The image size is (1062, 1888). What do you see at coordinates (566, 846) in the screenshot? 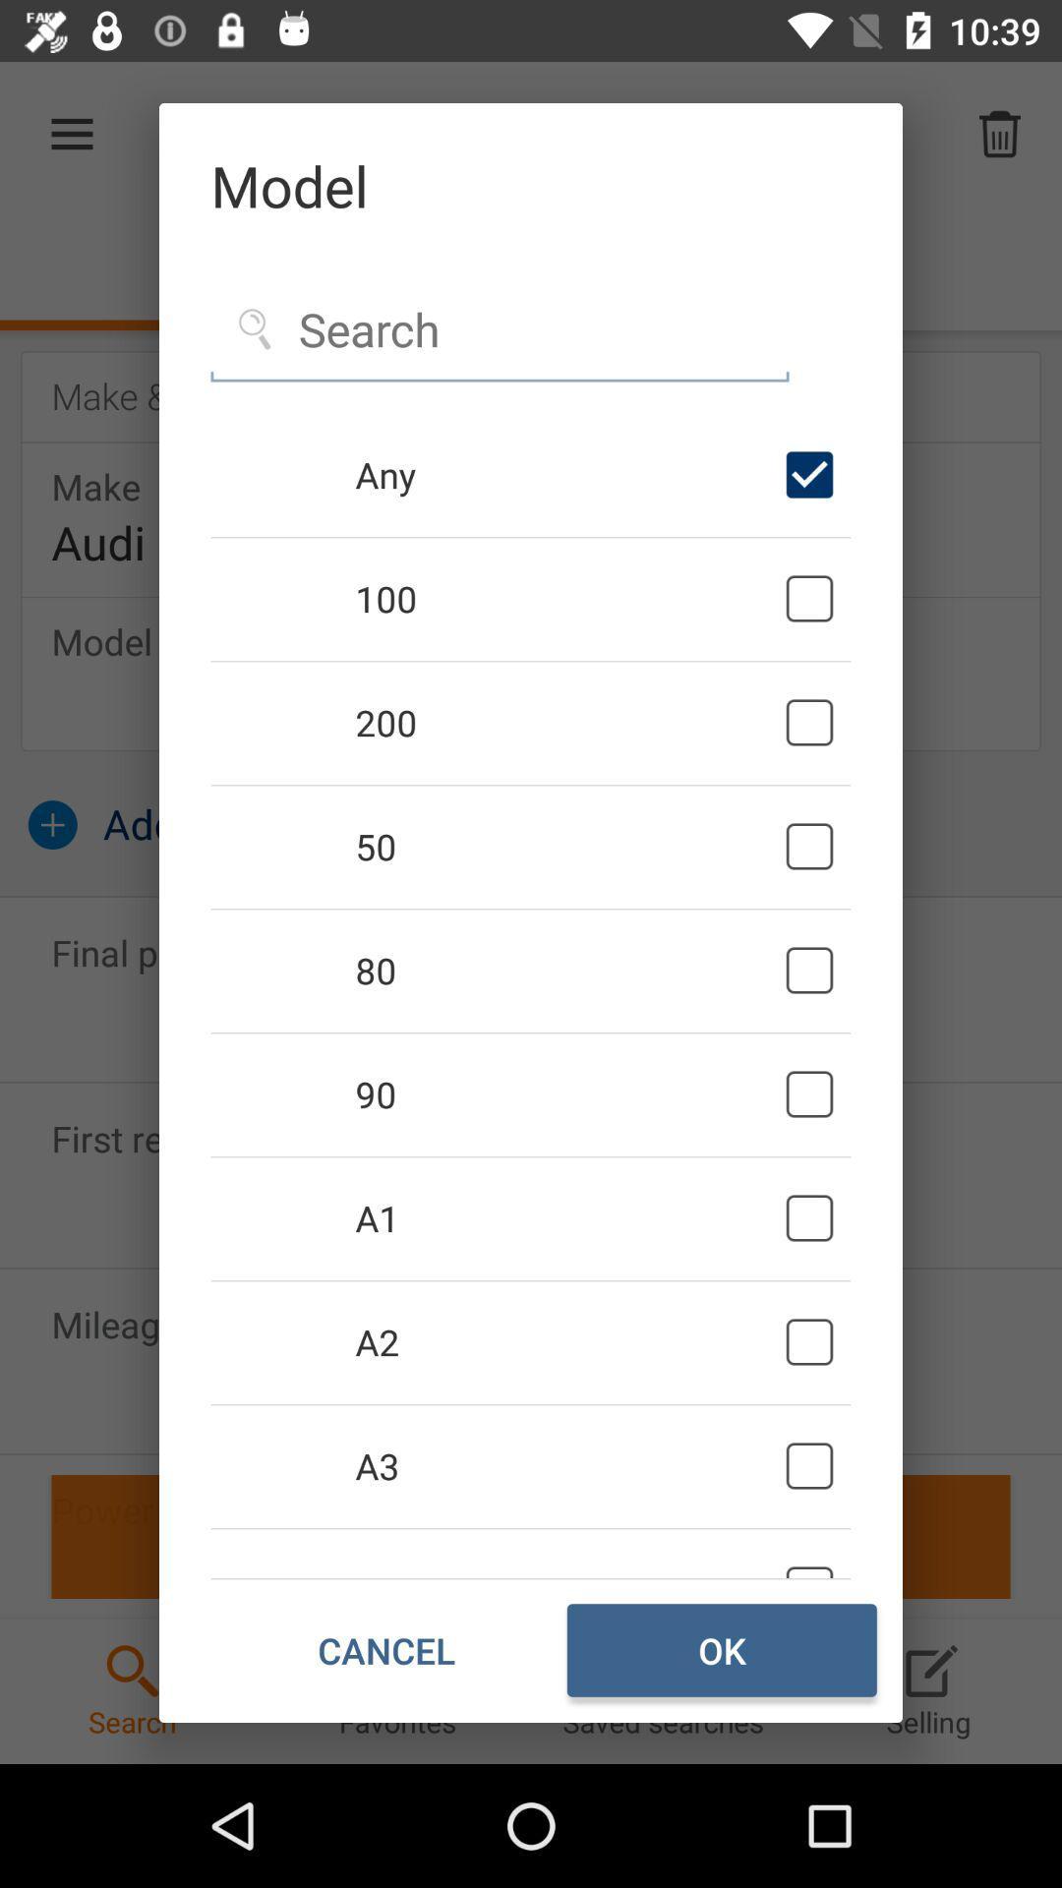
I see `50 icon` at bounding box center [566, 846].